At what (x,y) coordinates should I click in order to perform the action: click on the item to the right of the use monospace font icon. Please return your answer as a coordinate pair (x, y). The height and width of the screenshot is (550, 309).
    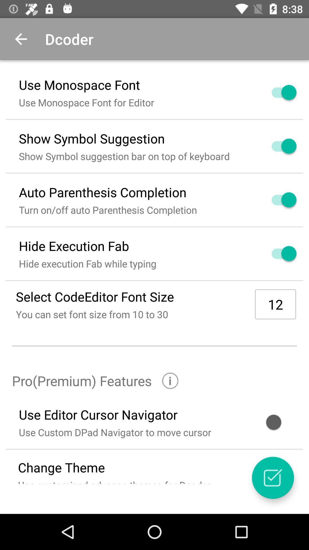
    Looking at the image, I should click on (277, 92).